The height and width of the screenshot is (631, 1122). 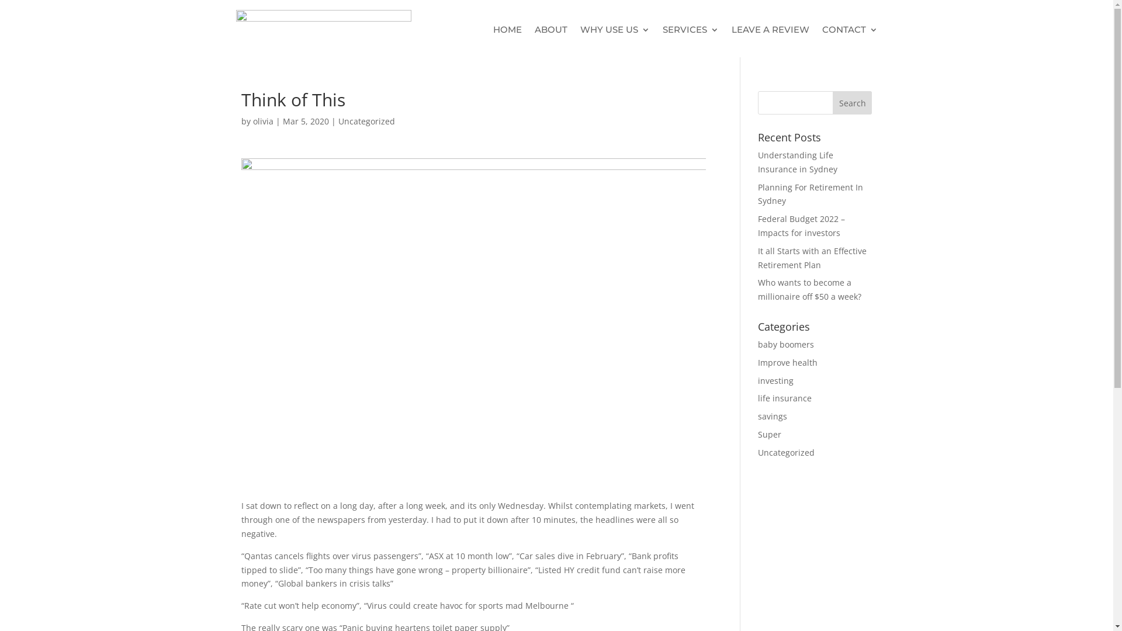 What do you see at coordinates (614, 29) in the screenshot?
I see `'WHY USE US'` at bounding box center [614, 29].